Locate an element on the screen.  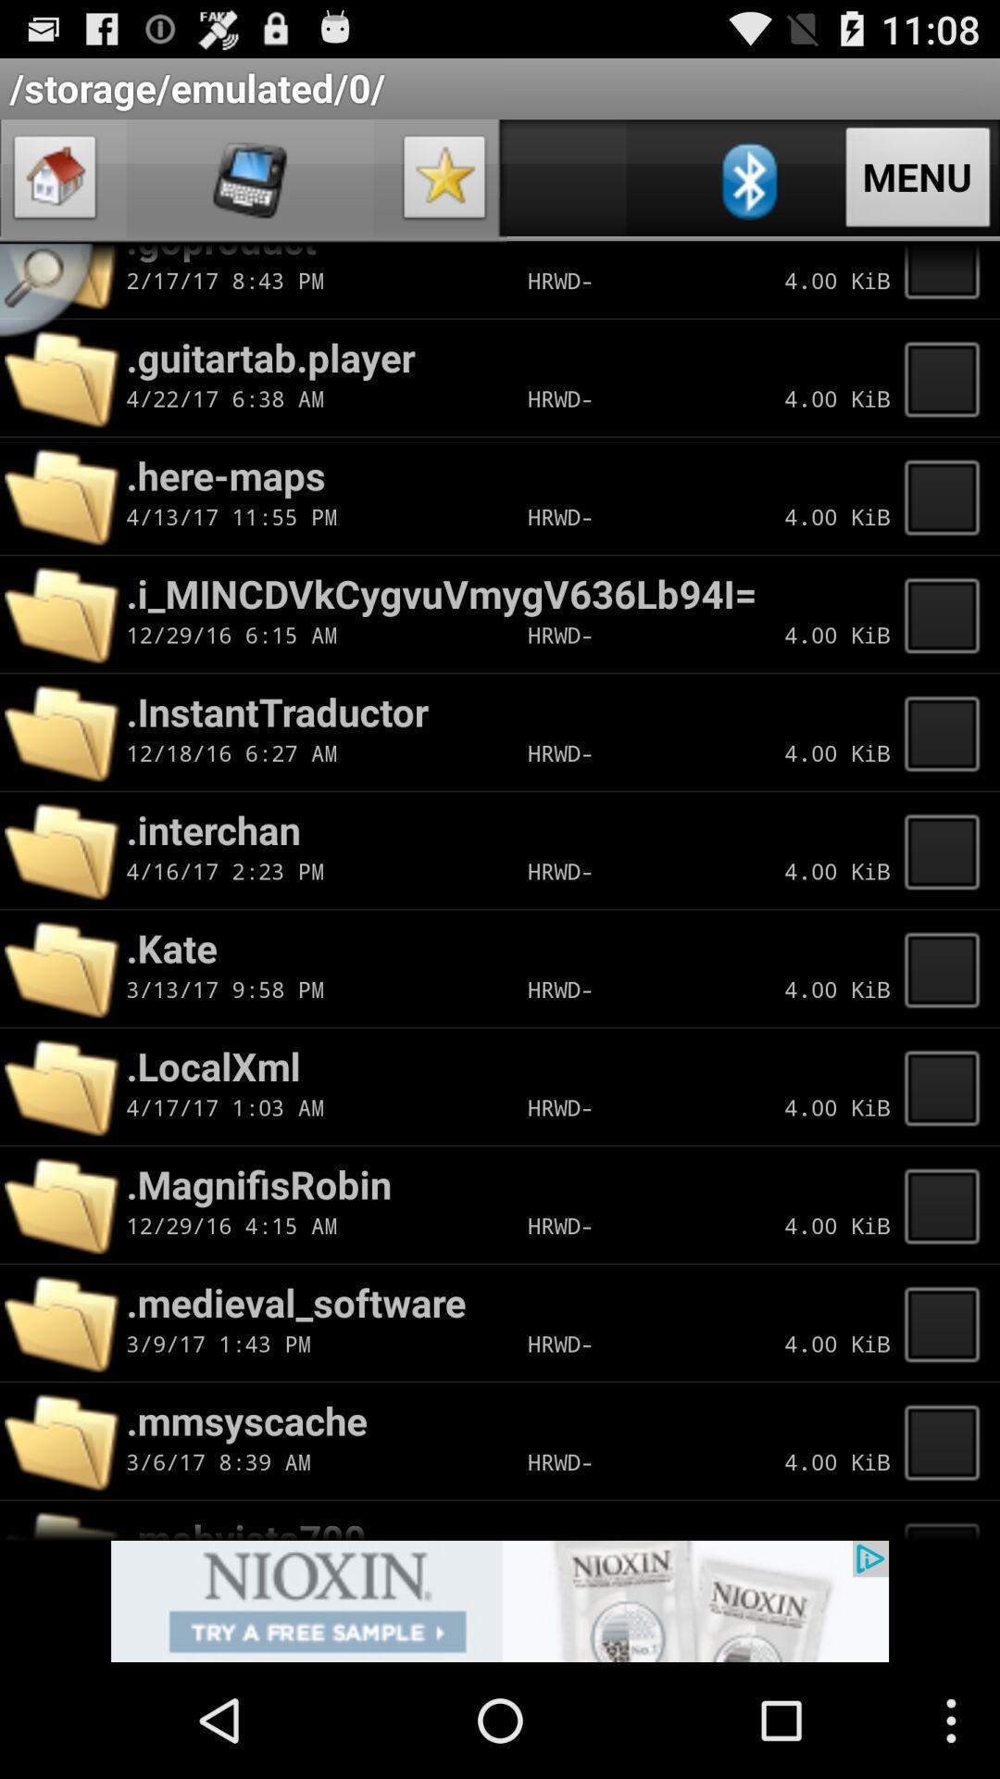
the here-maps folder is located at coordinates (947, 496).